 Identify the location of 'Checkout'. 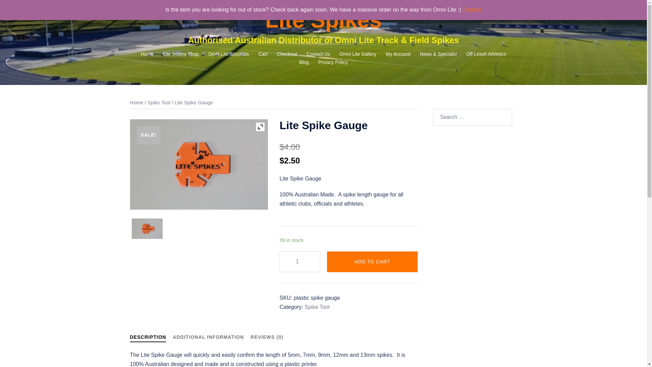
(287, 54).